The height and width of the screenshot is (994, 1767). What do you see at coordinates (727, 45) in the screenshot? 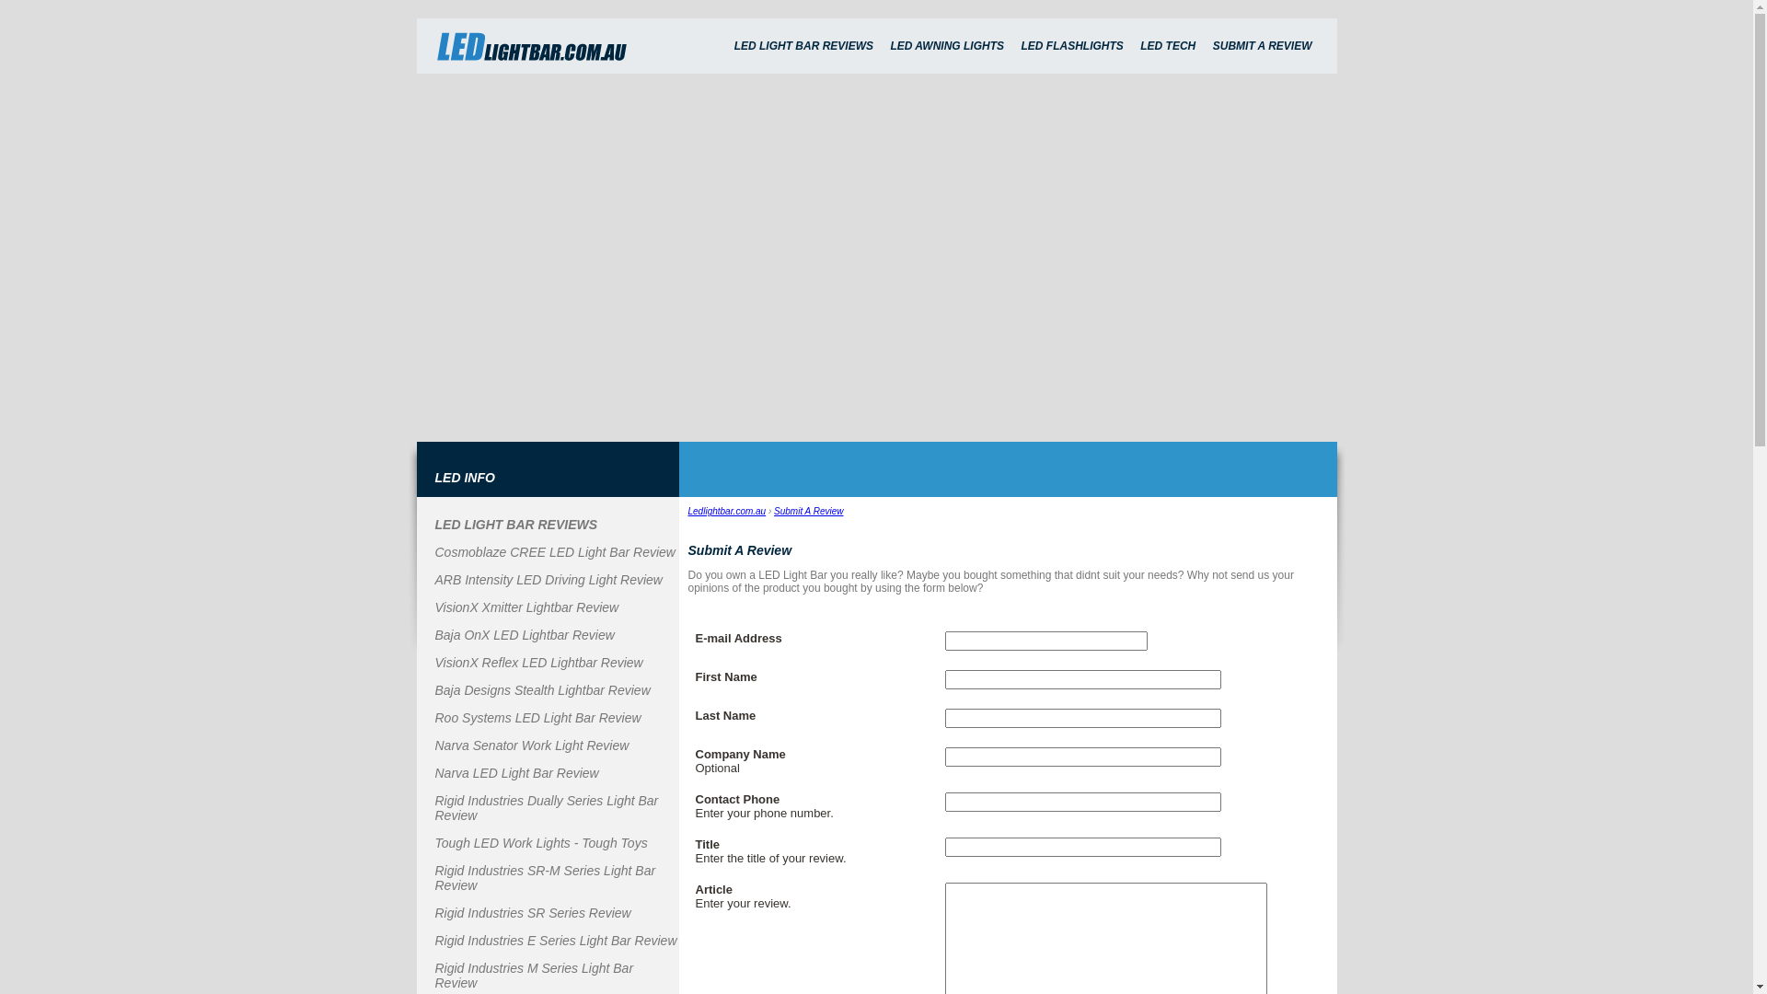
I see `'LED LIGHT BAR REVIEWS'` at bounding box center [727, 45].